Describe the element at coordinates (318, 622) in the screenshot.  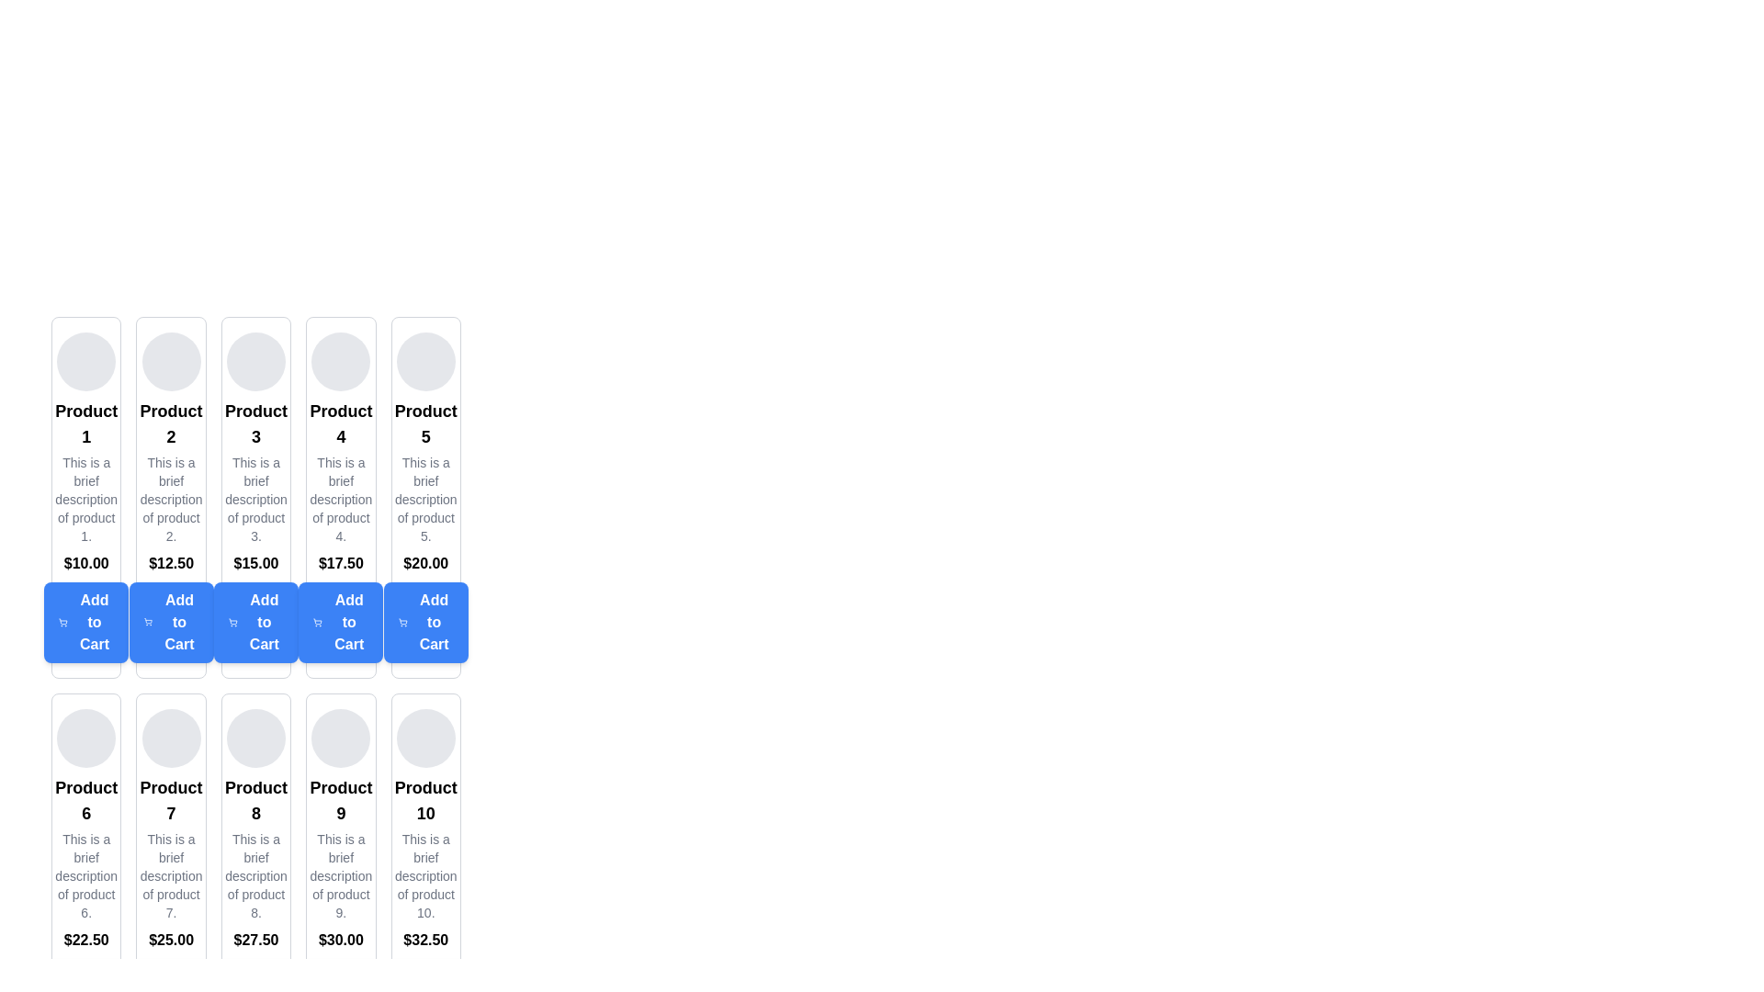
I see `the Add to Cart button for Product 4, which contains a minimalistic shopping cart icon styled as an outline with rounded edges on its left side` at that location.